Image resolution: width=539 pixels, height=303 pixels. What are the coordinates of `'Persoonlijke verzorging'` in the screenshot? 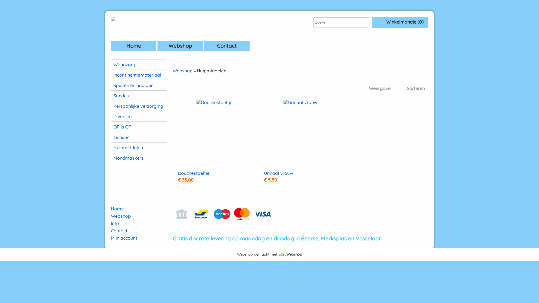 It's located at (139, 106).